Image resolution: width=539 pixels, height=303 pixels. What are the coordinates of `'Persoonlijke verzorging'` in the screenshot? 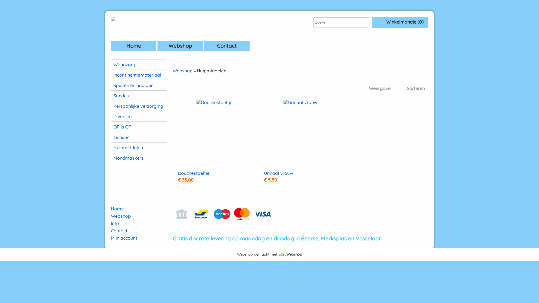 It's located at (139, 106).